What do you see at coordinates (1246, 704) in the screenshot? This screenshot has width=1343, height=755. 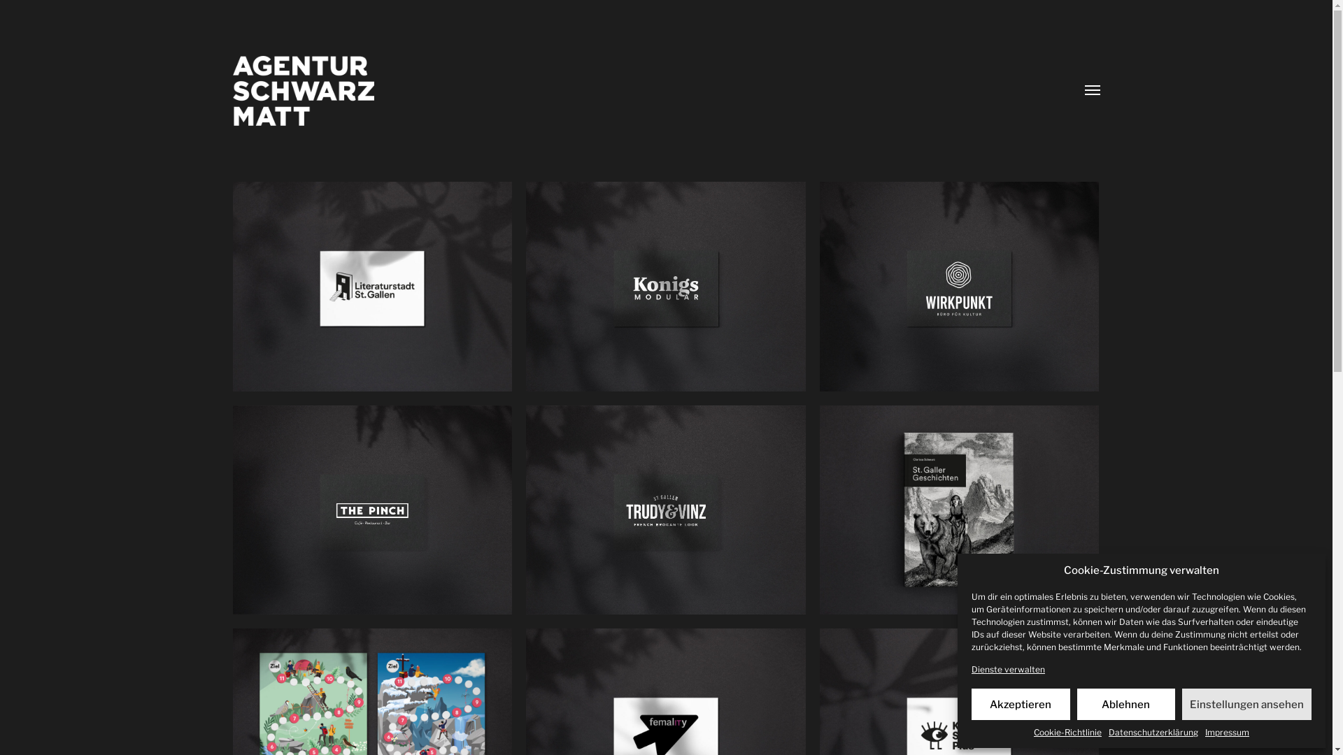 I see `'Einstellungen ansehen'` at bounding box center [1246, 704].